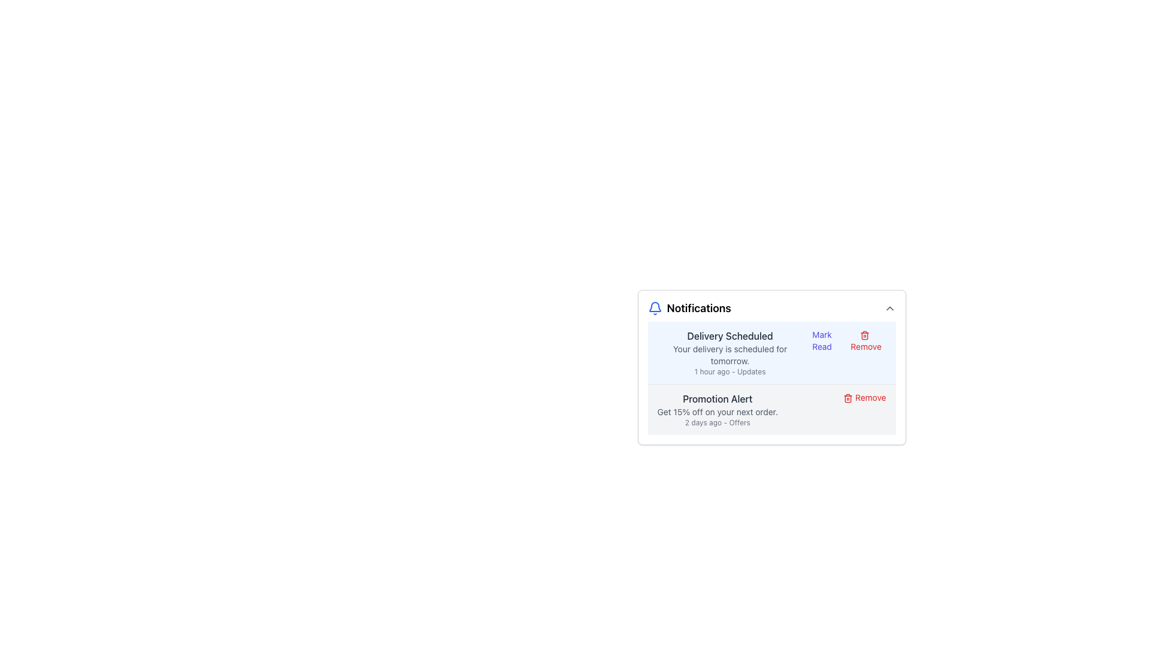 This screenshot has height=647, width=1150. What do you see at coordinates (730, 335) in the screenshot?
I see `text from the title of the notification card, which summarizes the content within the notification` at bounding box center [730, 335].